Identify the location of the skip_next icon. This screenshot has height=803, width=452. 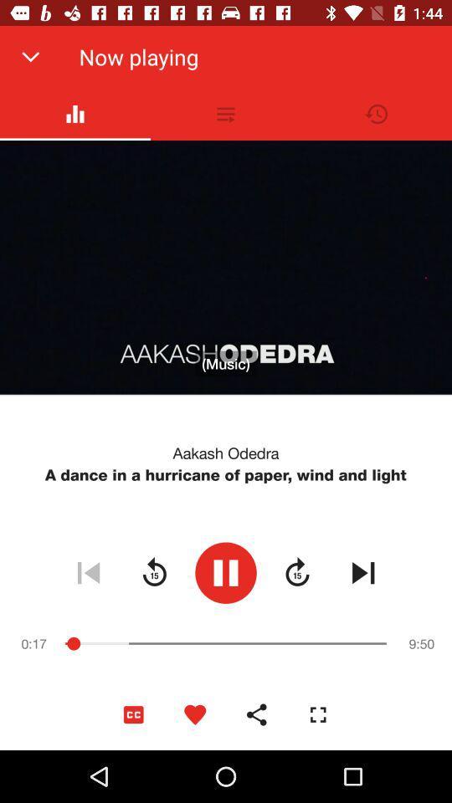
(362, 572).